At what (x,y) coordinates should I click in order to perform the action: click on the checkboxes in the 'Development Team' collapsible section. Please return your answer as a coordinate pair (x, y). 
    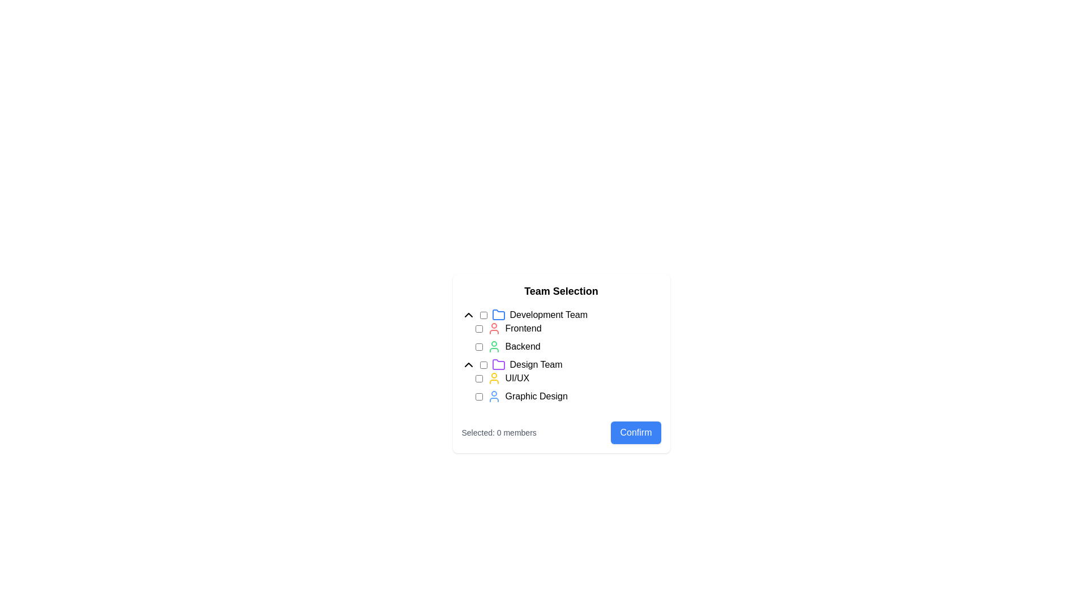
    Looking at the image, I should click on (561, 331).